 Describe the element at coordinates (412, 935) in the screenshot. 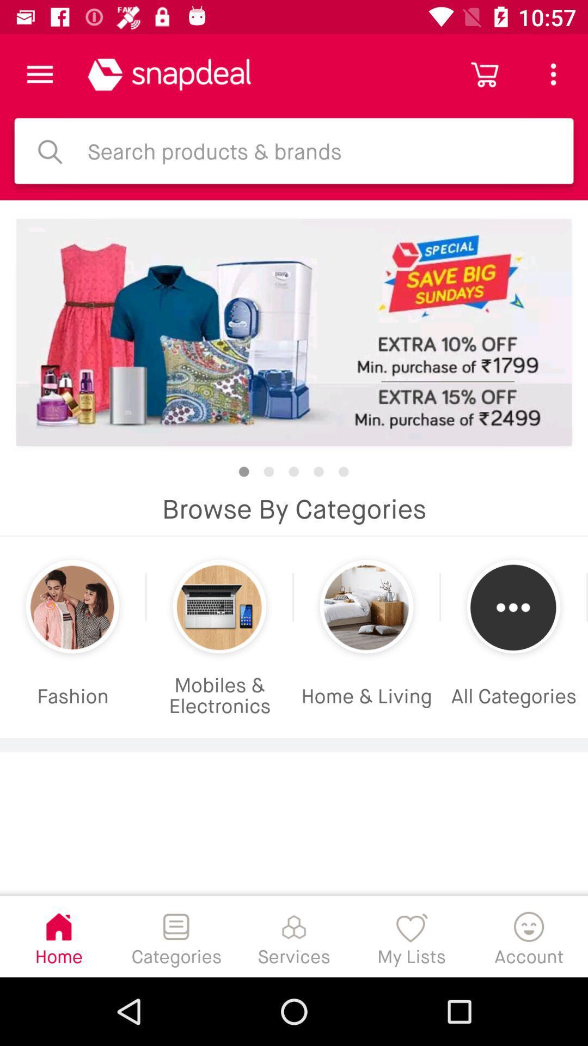

I see `the my lists item` at that location.